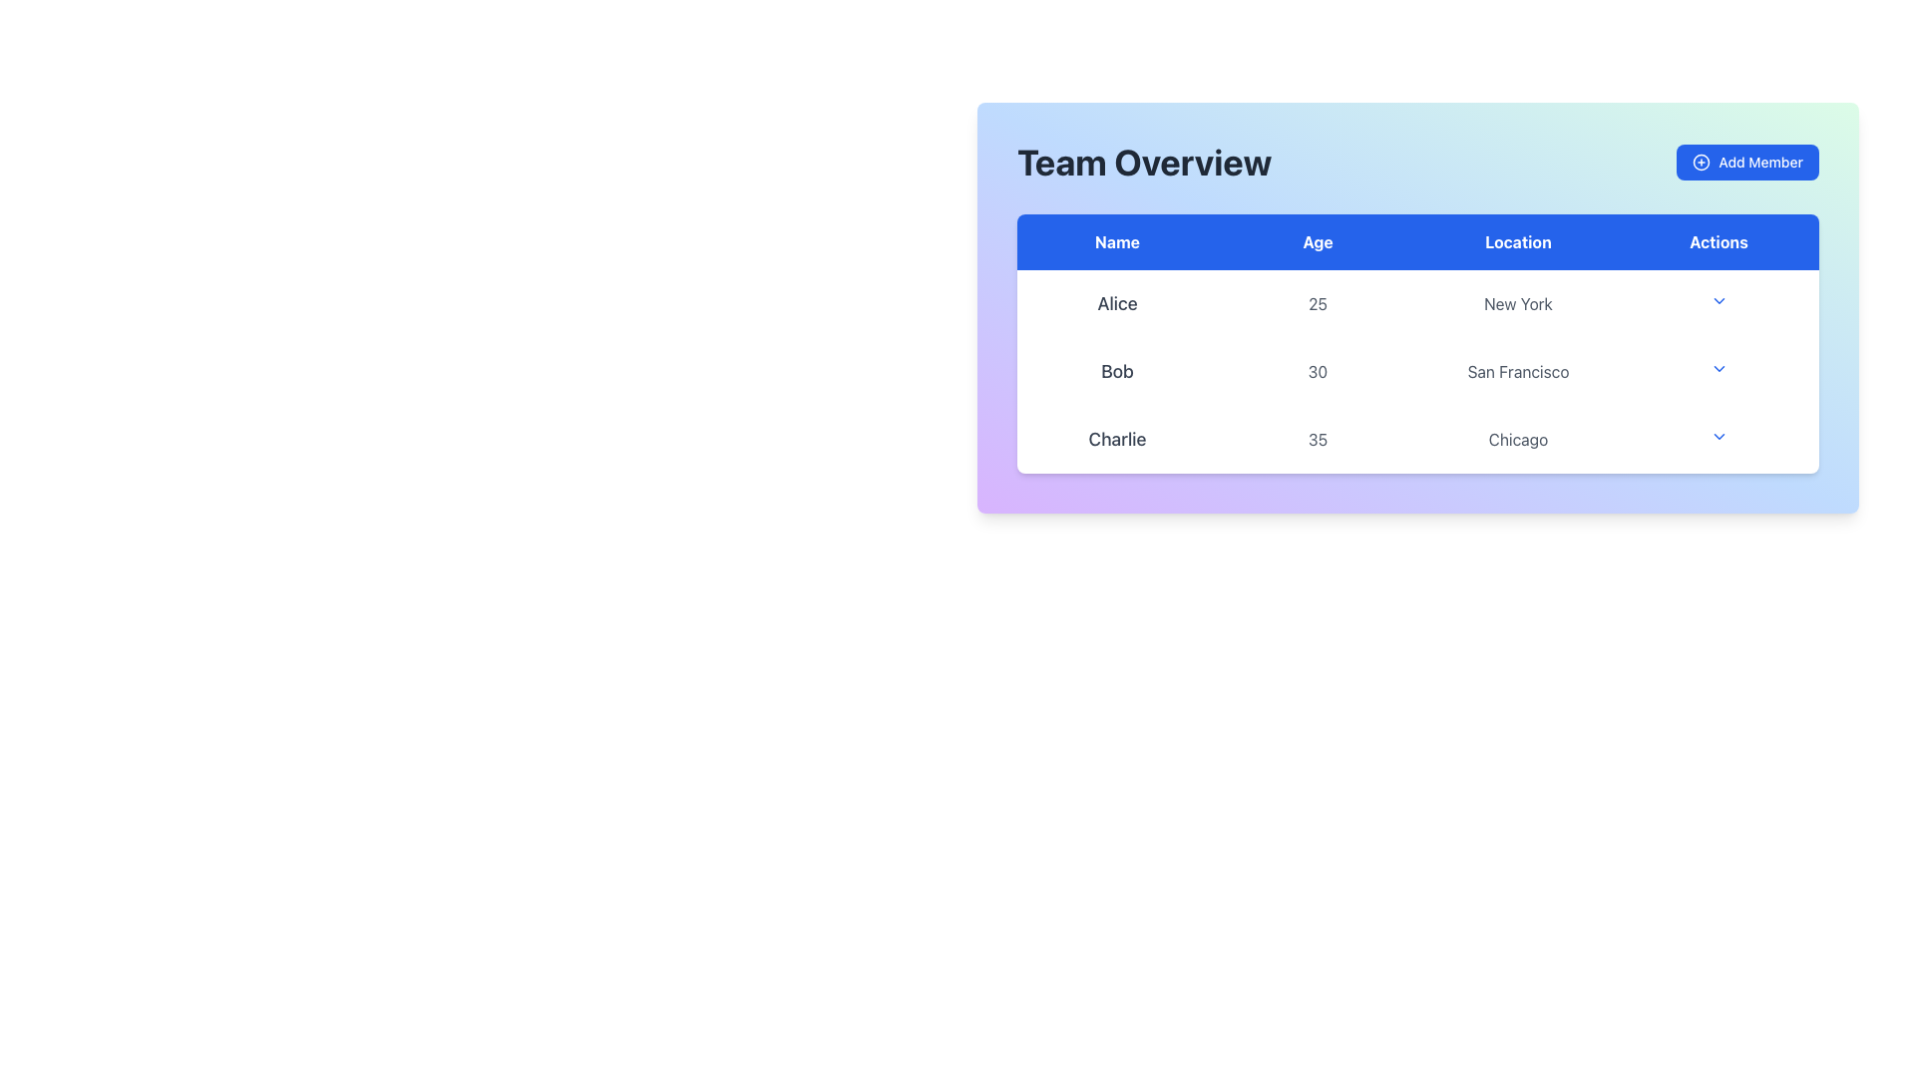 The image size is (1915, 1077). I want to click on the blue rectangular header section labeled 'Actions', which is the fourth and last column header in a grid layout at the top of a table, so click(1718, 241).